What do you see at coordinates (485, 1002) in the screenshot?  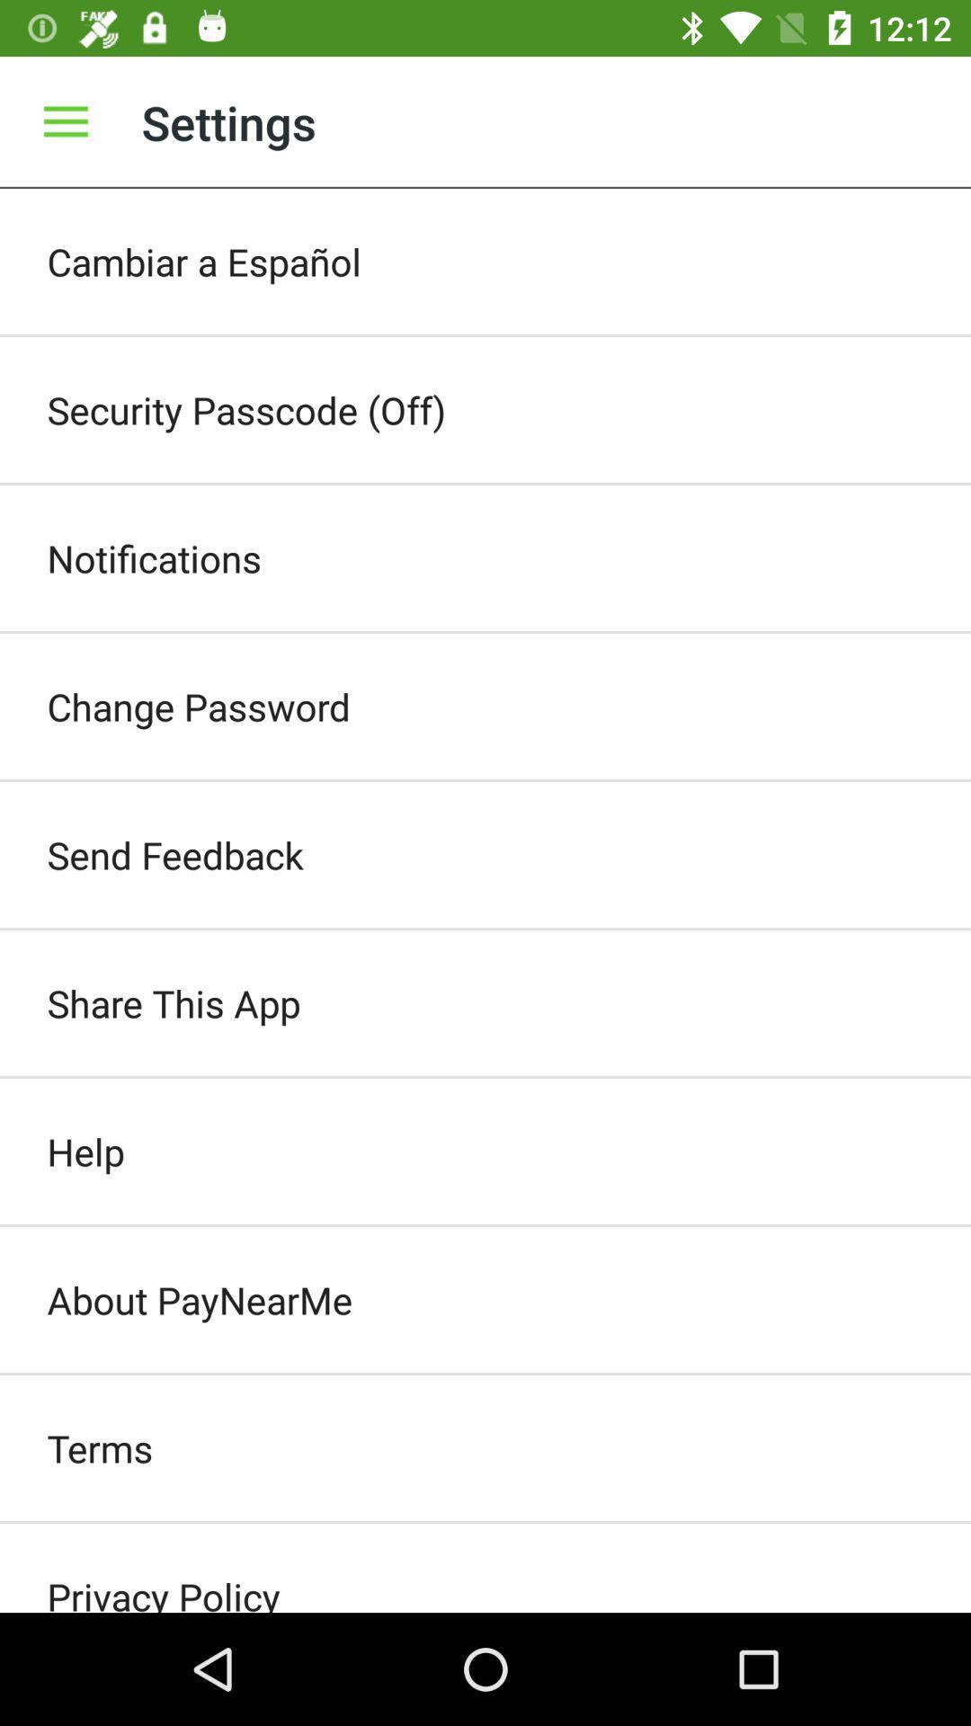 I see `share this app icon` at bounding box center [485, 1002].